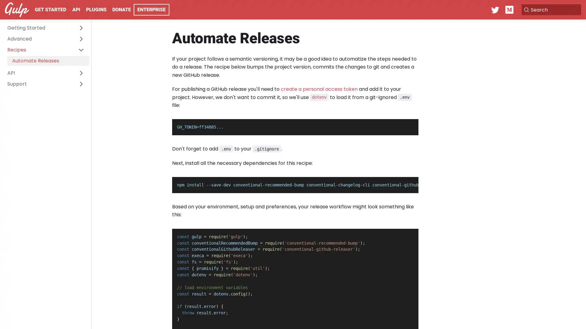 The height and width of the screenshot is (329, 586). I want to click on Copy code to clipboard, so click(408, 235).